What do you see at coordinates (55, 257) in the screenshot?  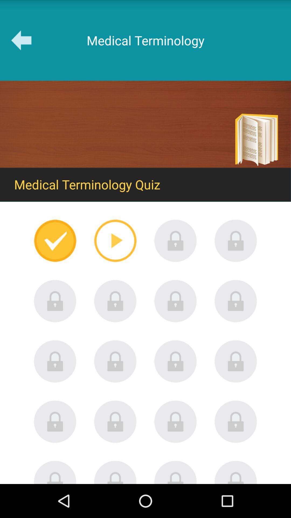 I see `the check icon` at bounding box center [55, 257].